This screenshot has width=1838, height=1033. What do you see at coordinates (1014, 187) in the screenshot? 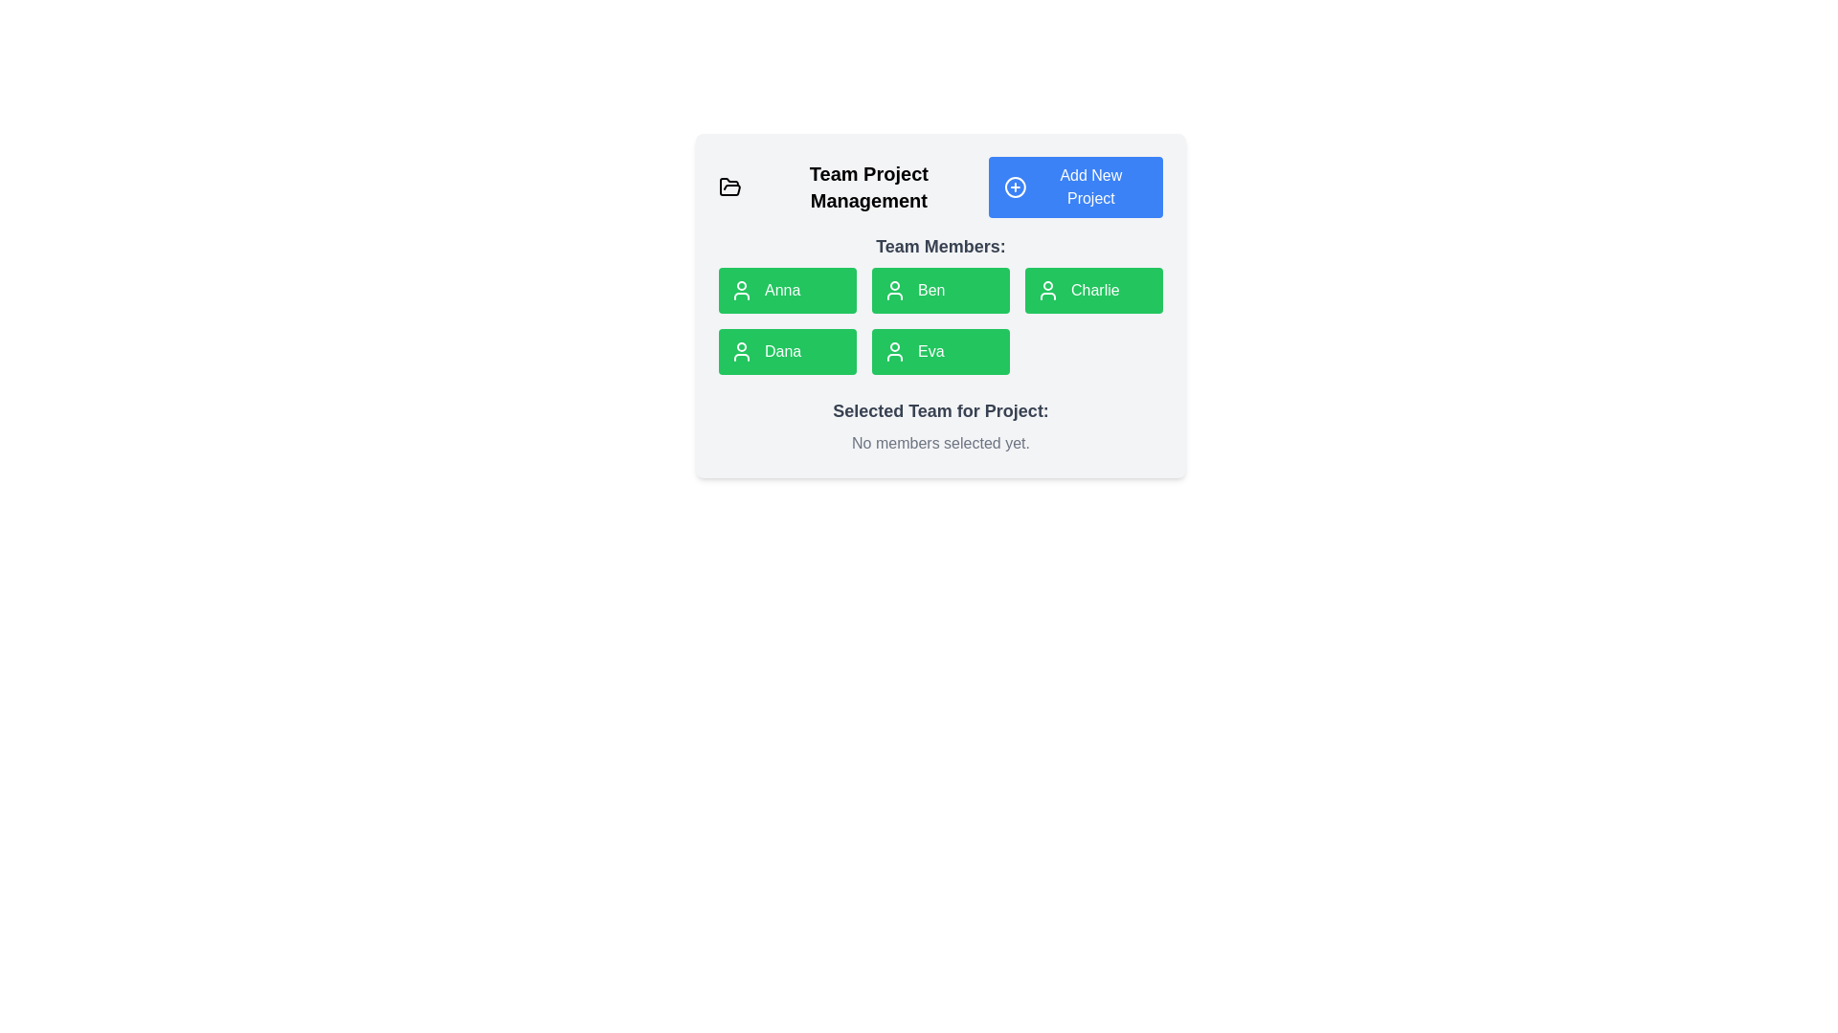
I see `the circle plus icon located within the blue button labeled 'Add New Project' in the top-right section of the 'Team Project Management' interface` at bounding box center [1014, 187].